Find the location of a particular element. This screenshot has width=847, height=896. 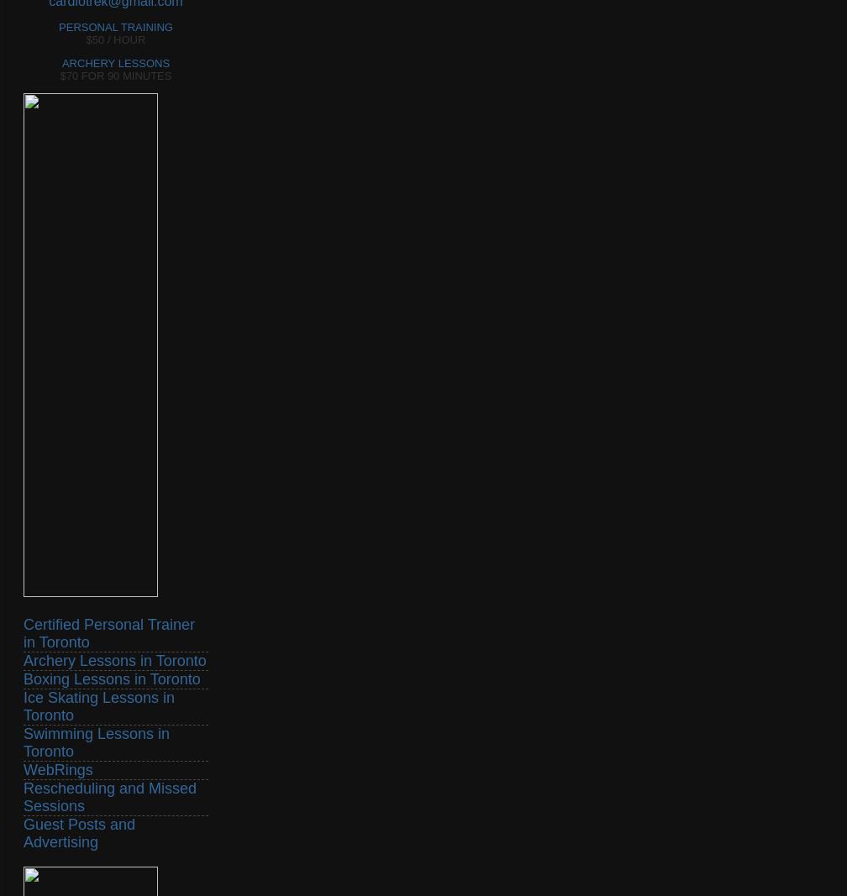

'PERSONAL TRAINING' is located at coordinates (115, 25).